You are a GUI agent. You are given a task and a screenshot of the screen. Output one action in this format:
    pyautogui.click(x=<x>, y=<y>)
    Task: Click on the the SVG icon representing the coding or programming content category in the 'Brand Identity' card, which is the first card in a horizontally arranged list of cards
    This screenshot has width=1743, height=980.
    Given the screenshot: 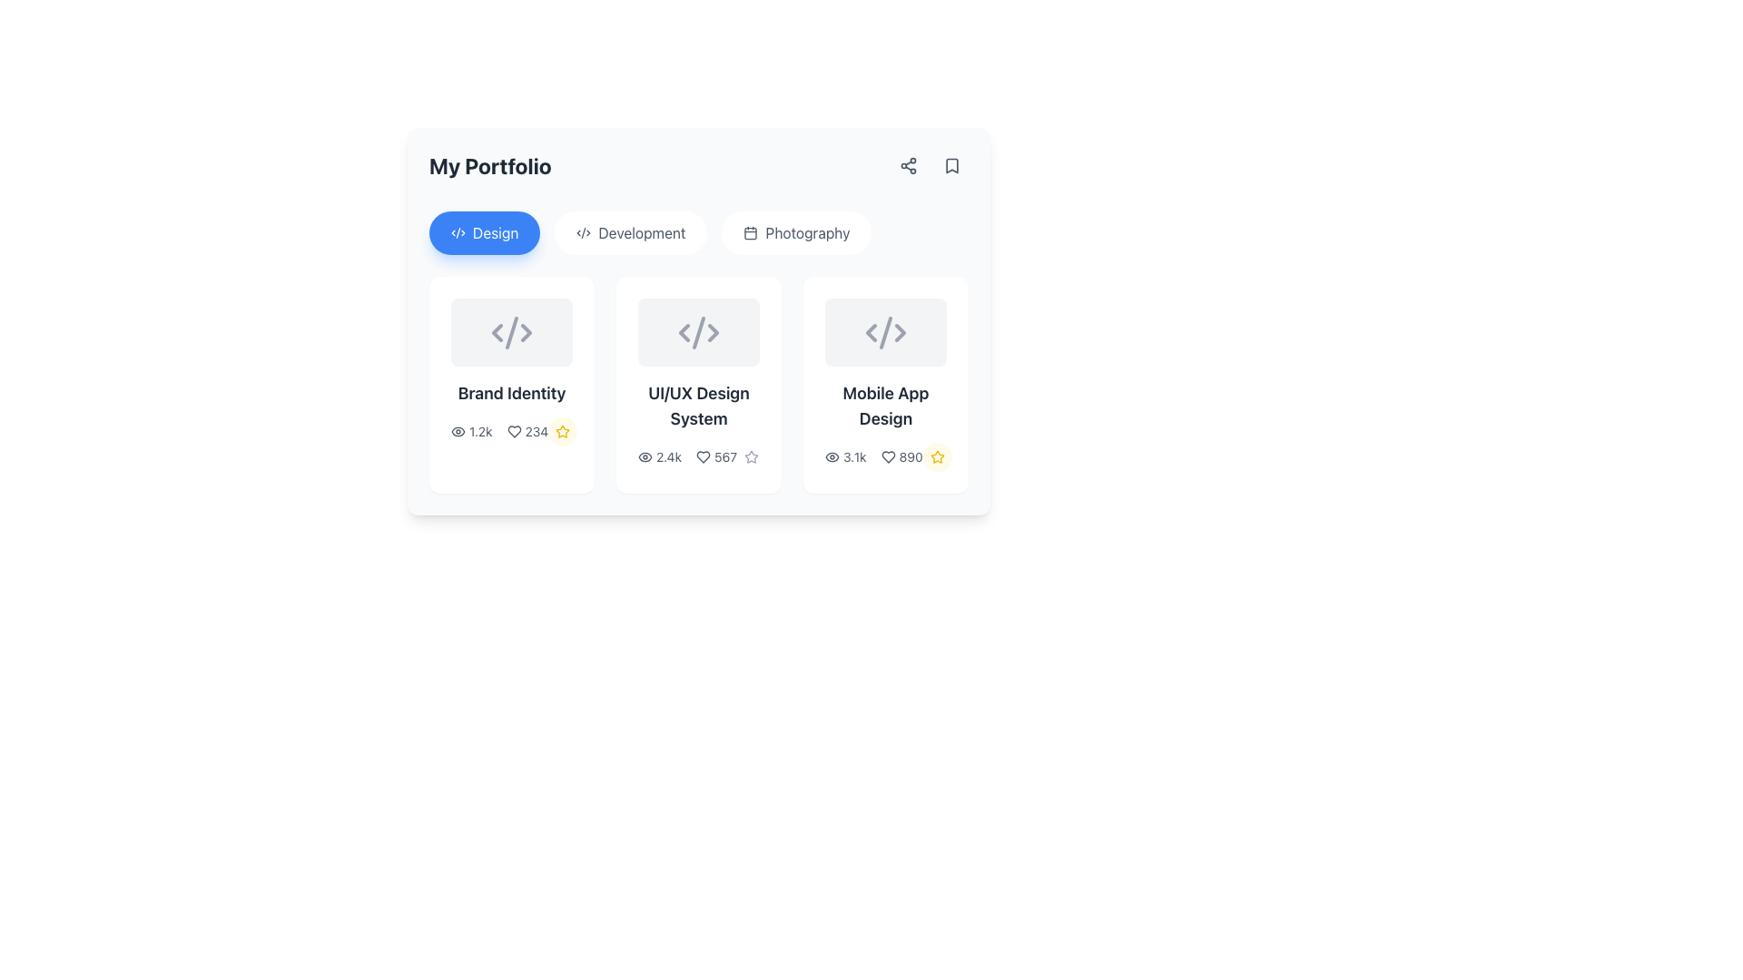 What is the action you would take?
    pyautogui.click(x=511, y=332)
    